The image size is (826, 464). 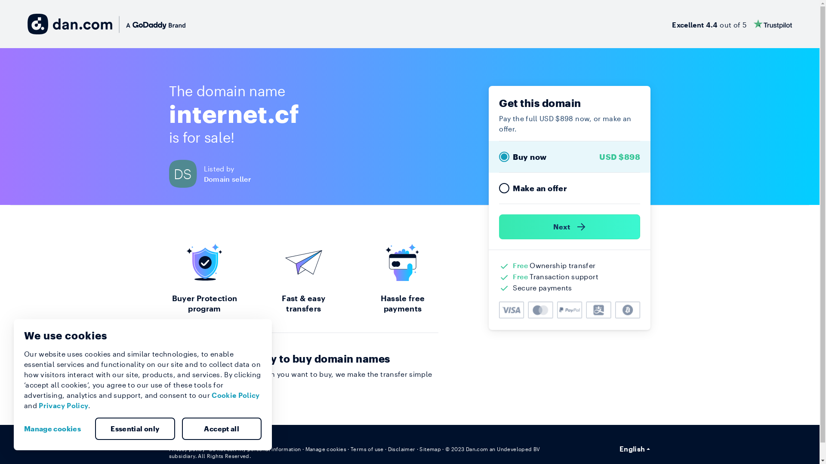 What do you see at coordinates (211, 395) in the screenshot?
I see `'Cookie Policy'` at bounding box center [211, 395].